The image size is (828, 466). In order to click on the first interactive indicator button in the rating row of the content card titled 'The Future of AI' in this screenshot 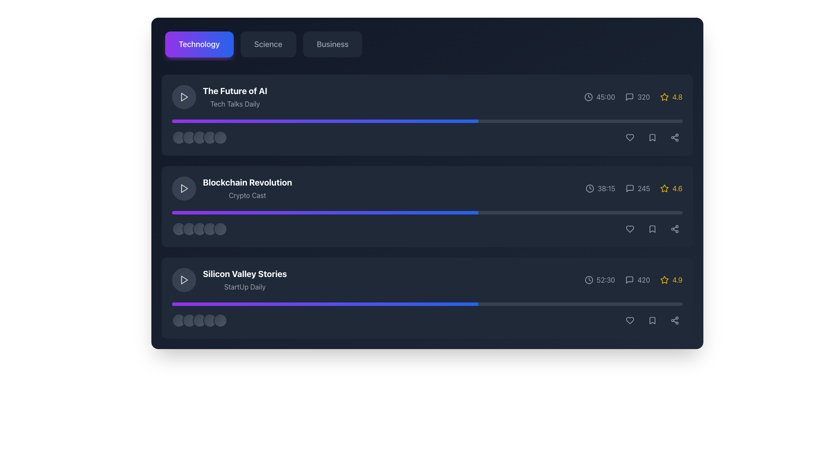, I will do `click(178, 137)`.